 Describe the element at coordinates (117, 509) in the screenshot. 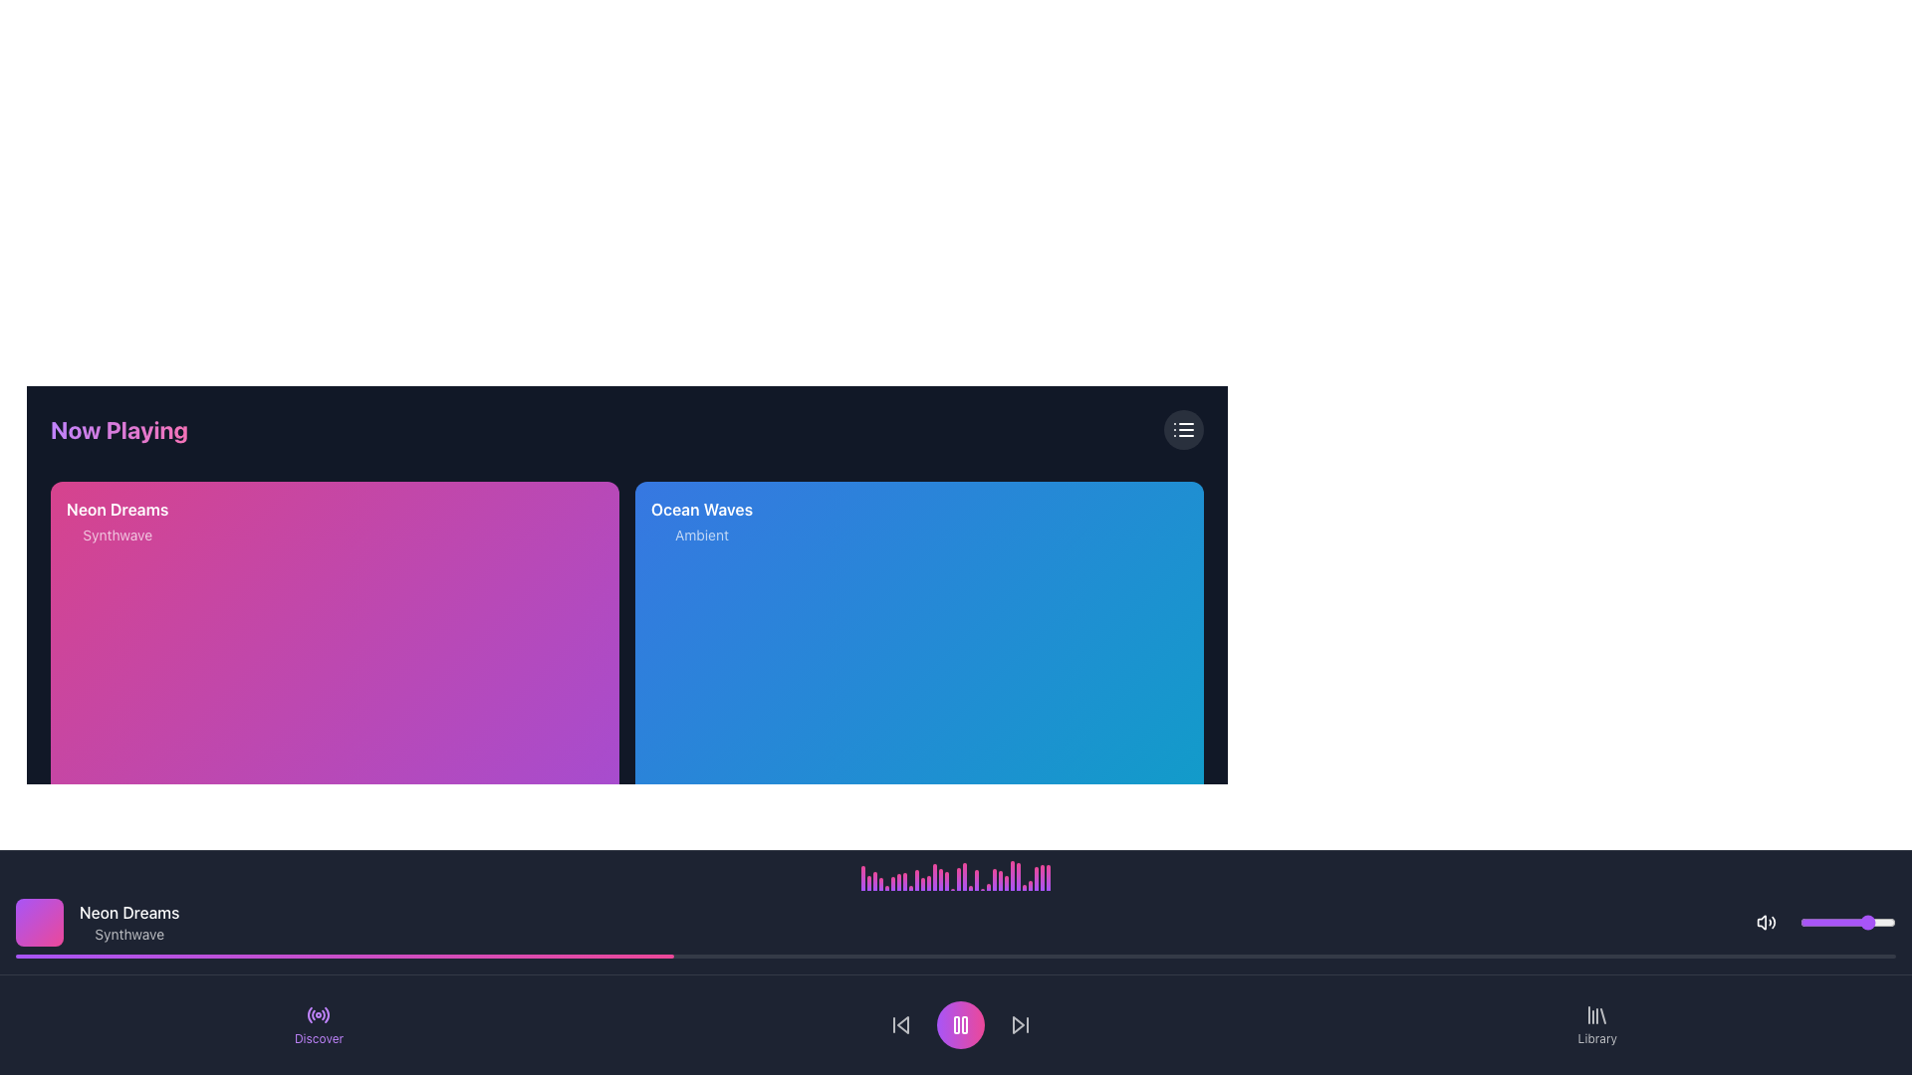

I see `text content of the title Text Label located at the top of the left card in a two-card layout, which is associated with a music or media item` at that location.